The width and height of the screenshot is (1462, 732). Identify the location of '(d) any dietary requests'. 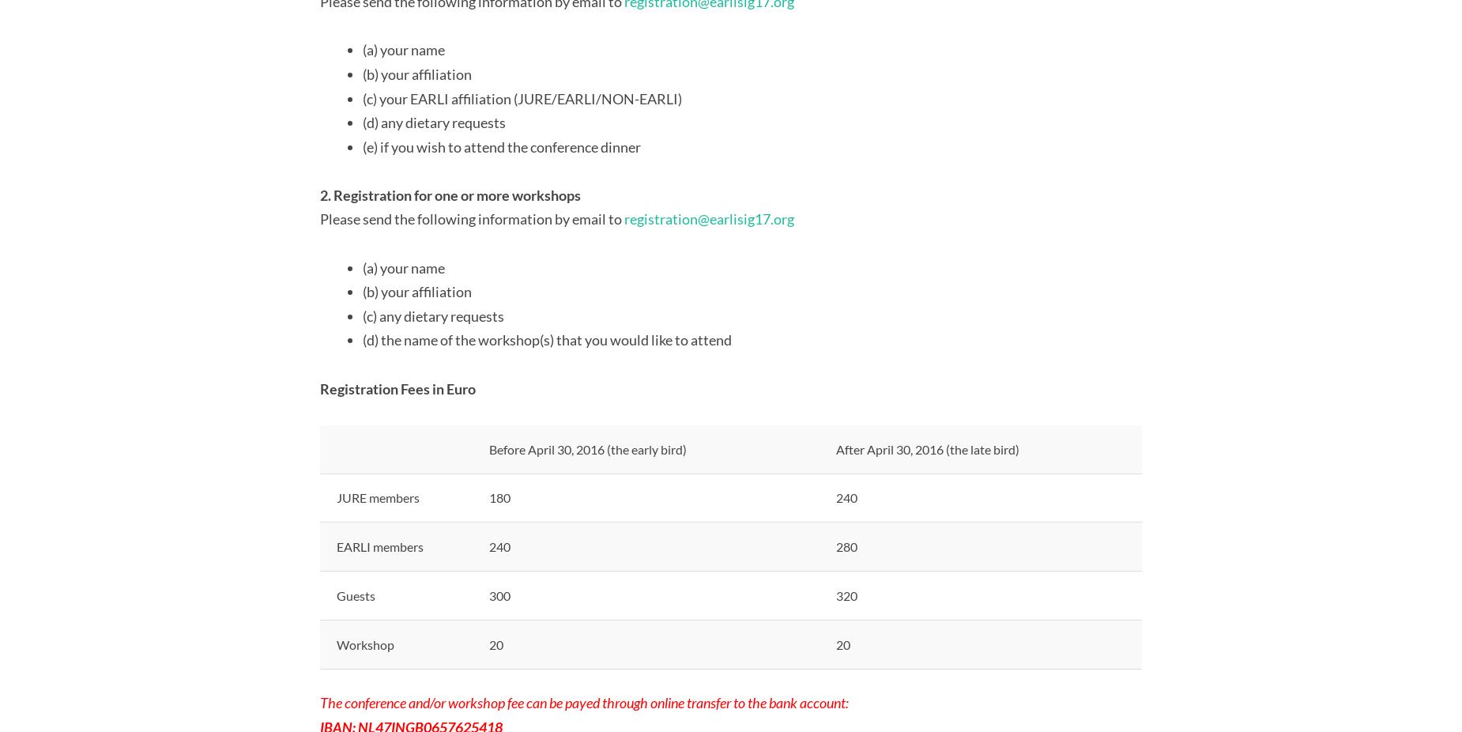
(361, 122).